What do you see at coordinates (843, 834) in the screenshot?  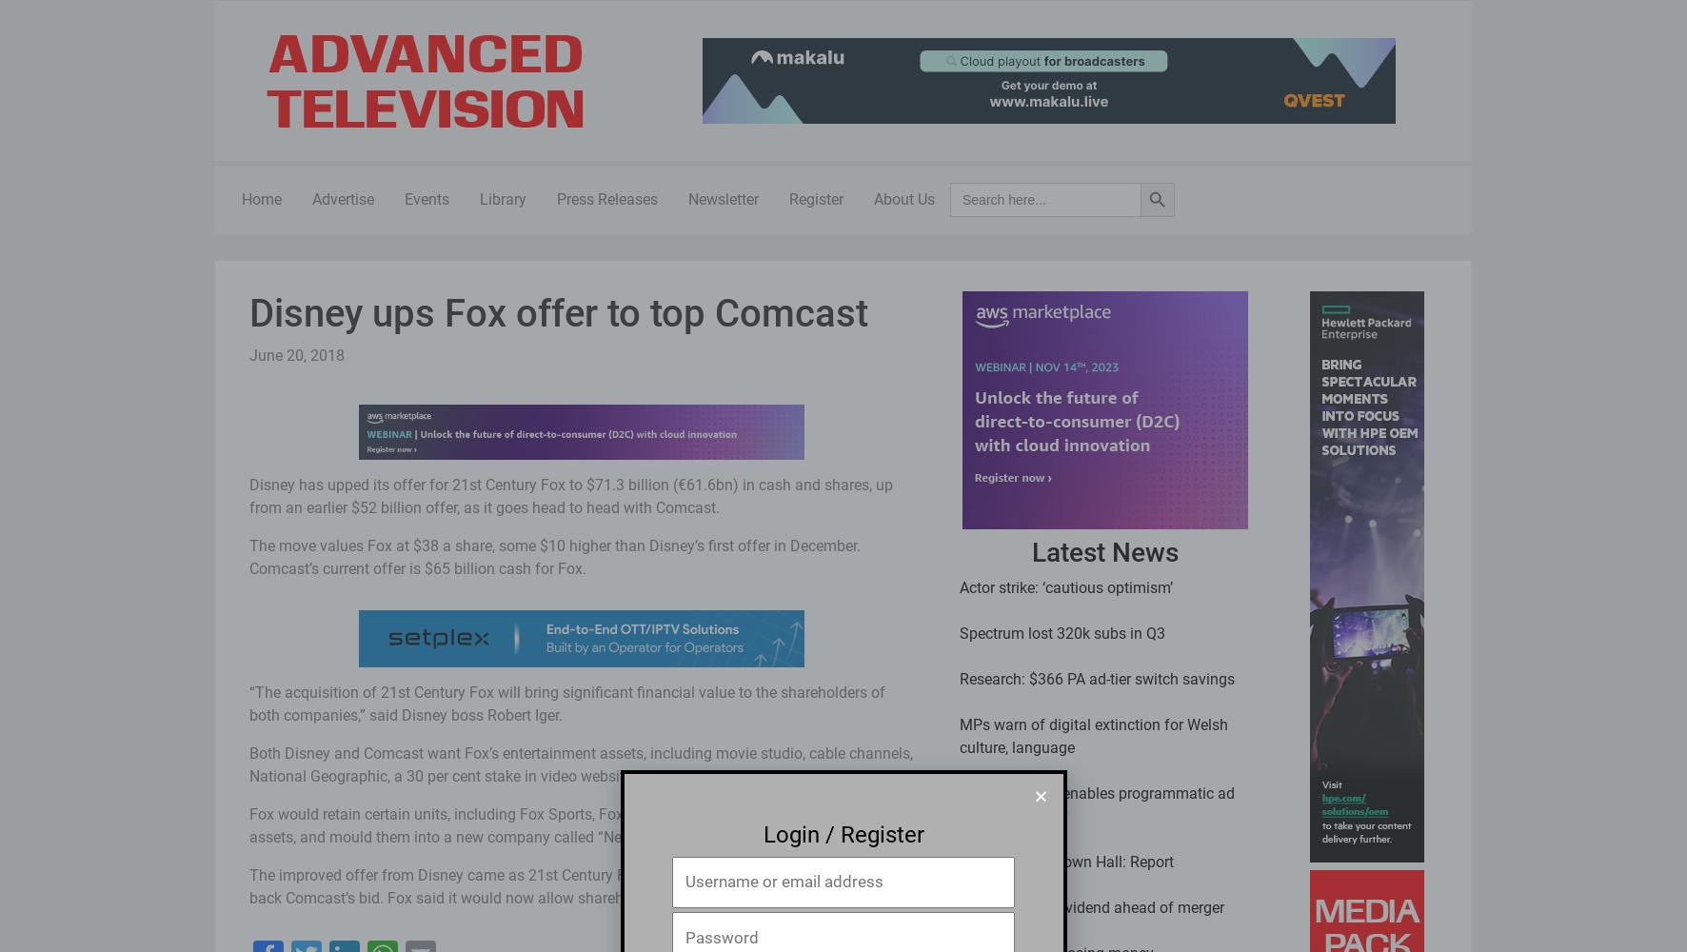 I see `'Login / Register'` at bounding box center [843, 834].